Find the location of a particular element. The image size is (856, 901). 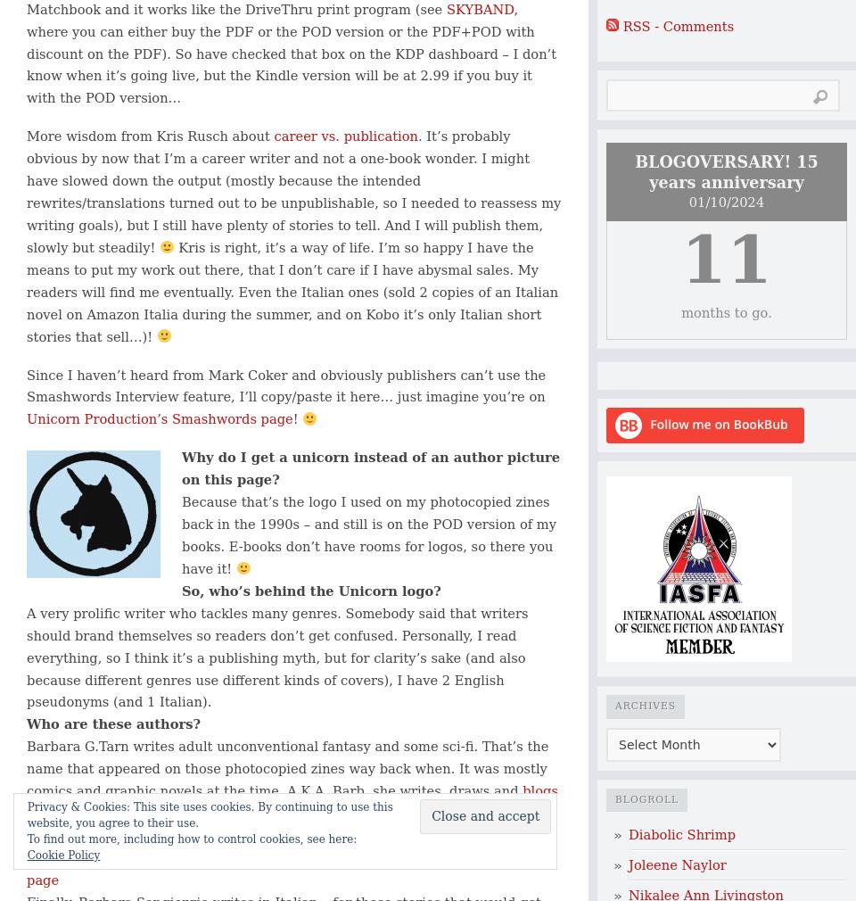

'!' is located at coordinates (297, 418).